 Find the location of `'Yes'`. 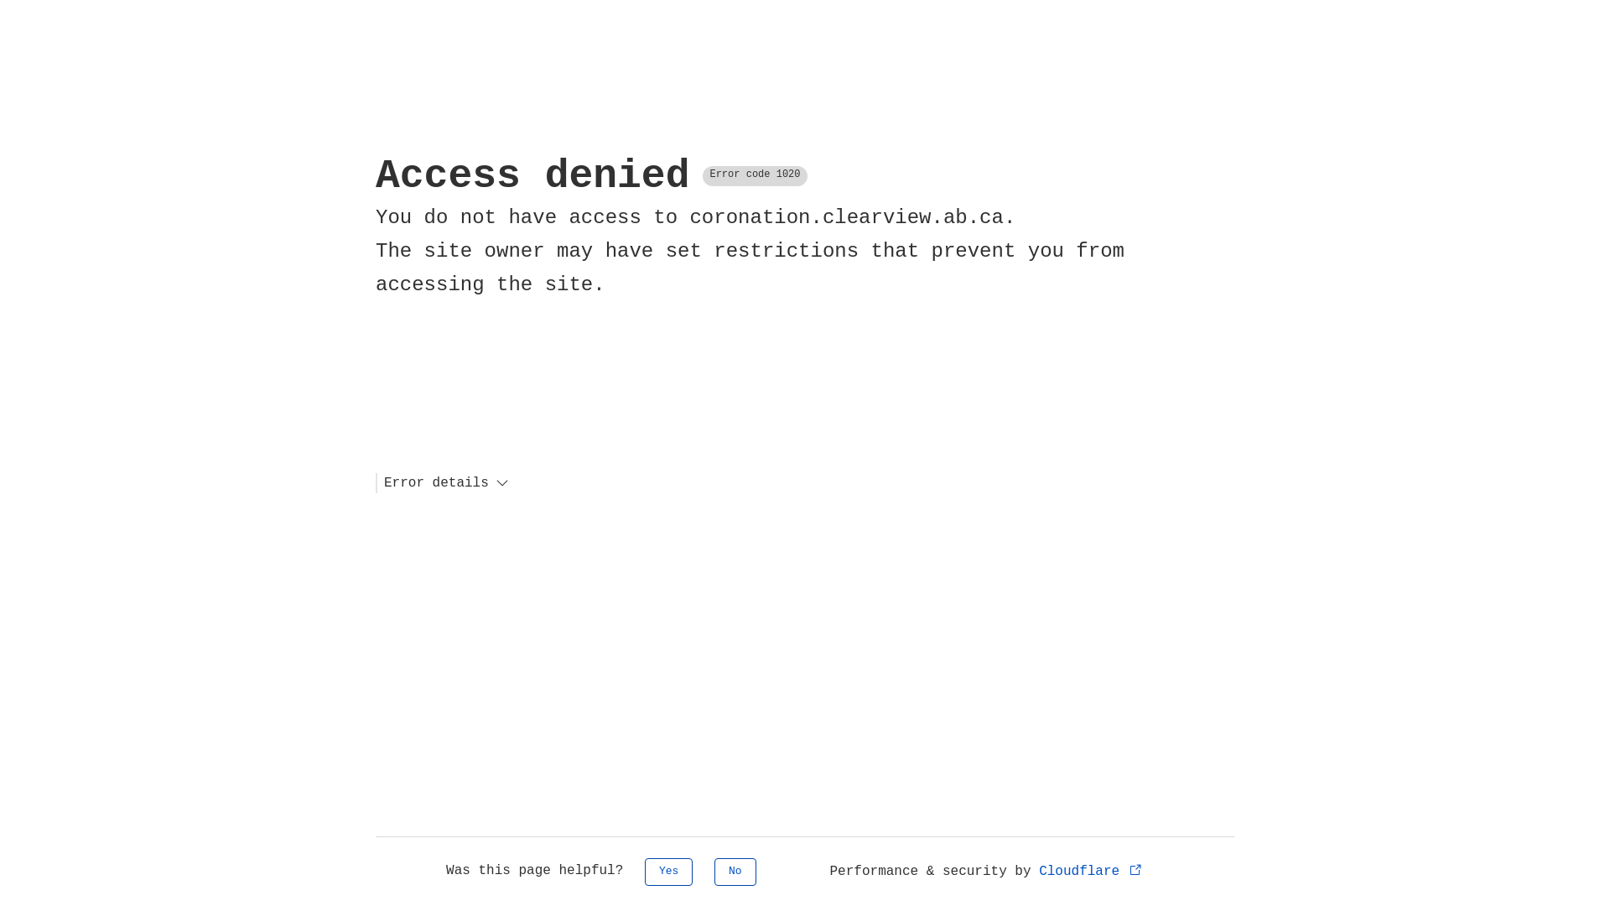

'Yes' is located at coordinates (667, 871).